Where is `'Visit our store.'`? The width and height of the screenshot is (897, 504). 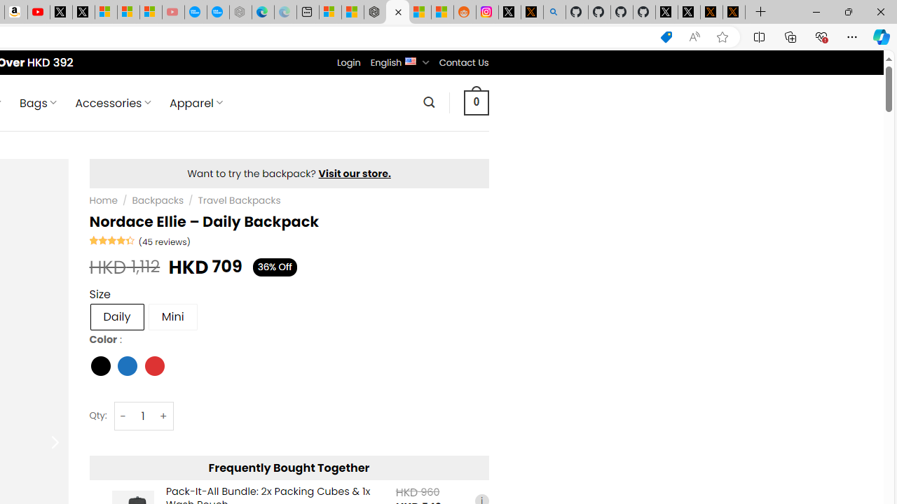 'Visit our store.' is located at coordinates (355, 173).